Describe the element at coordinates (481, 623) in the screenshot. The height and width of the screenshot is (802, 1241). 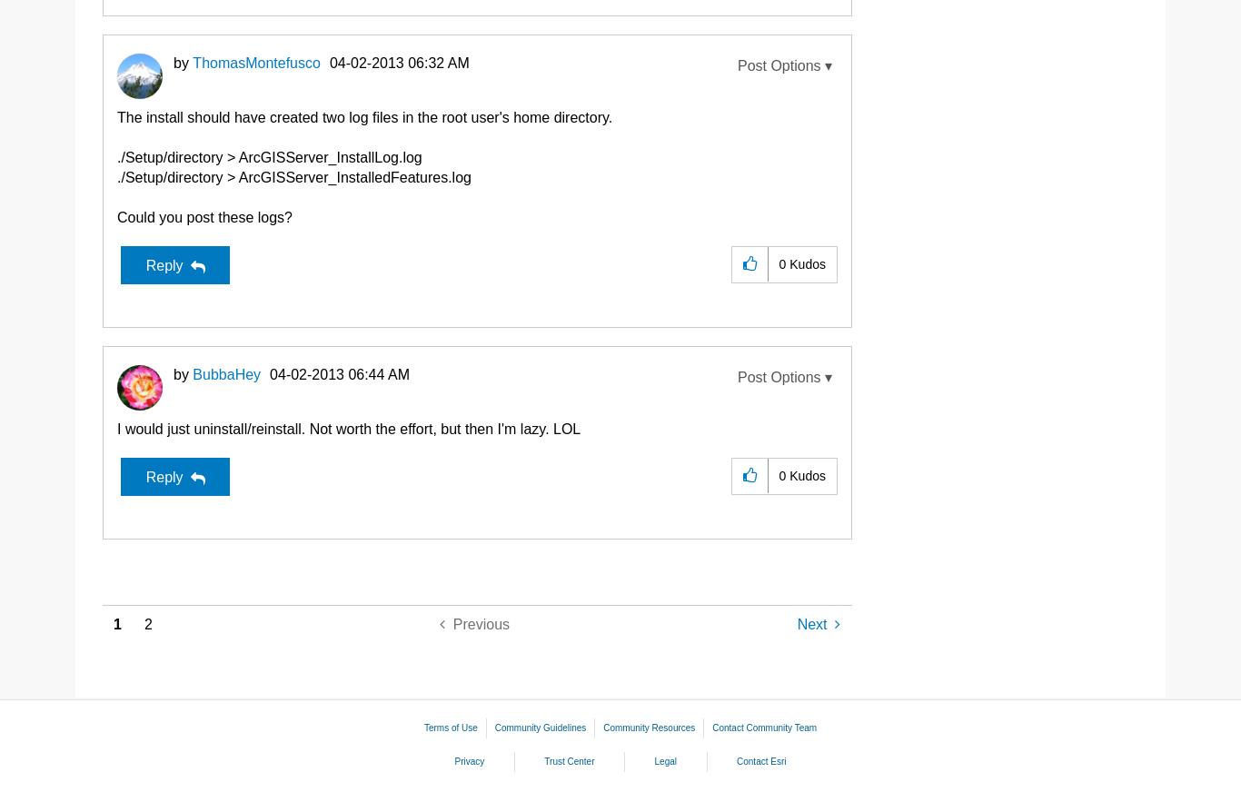
I see `'Previous'` at that location.